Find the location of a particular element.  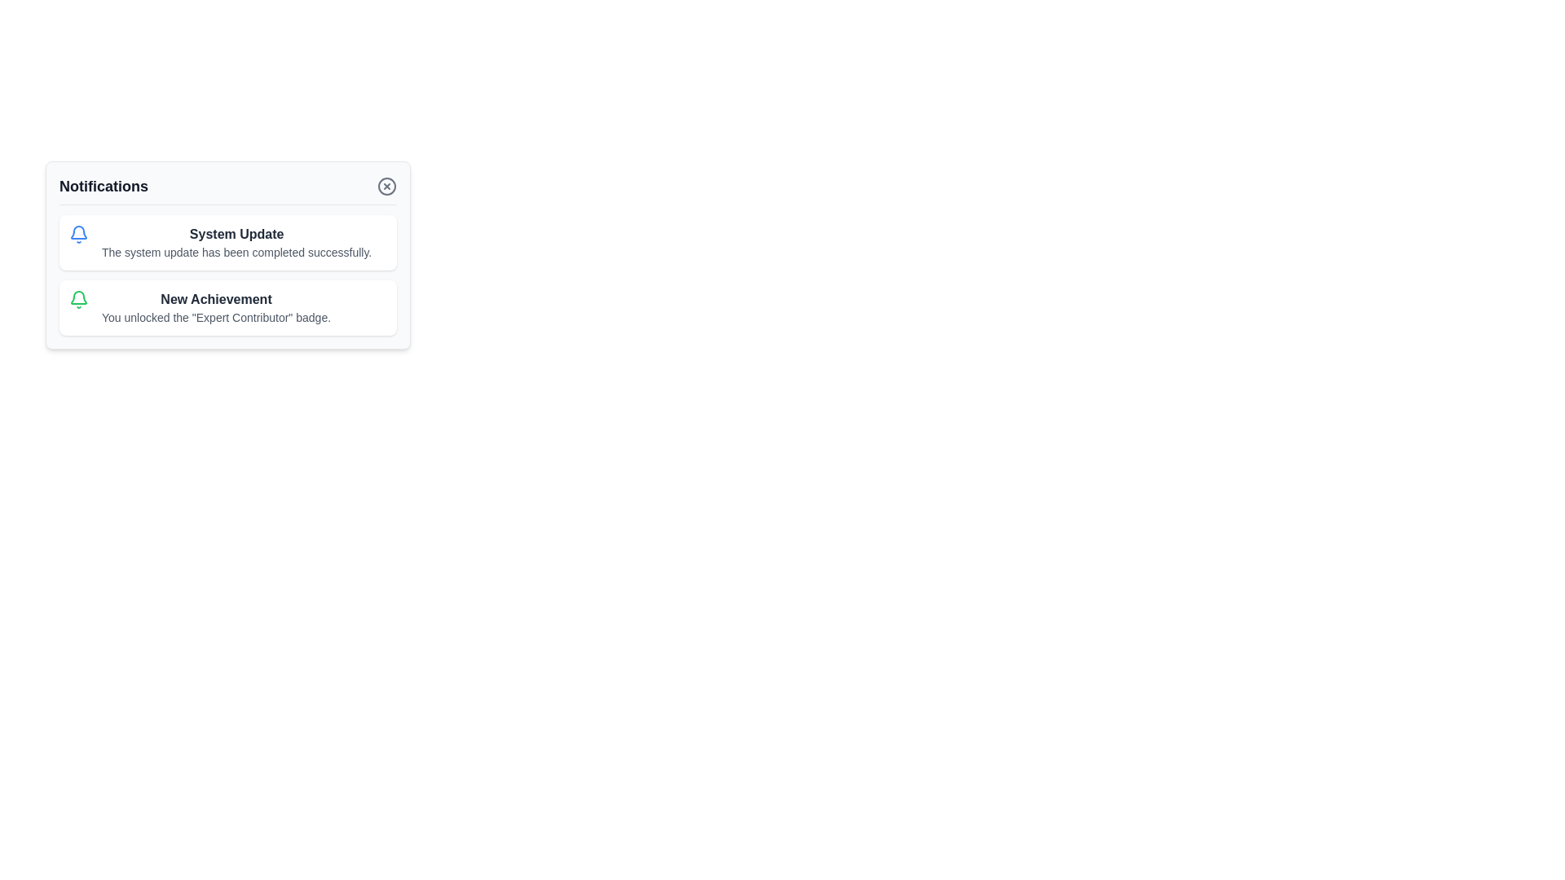

text label that conveys information about the successful completion of a system update, which is located in the notification card beneath the 'System Update' heading is located at coordinates (236, 252).